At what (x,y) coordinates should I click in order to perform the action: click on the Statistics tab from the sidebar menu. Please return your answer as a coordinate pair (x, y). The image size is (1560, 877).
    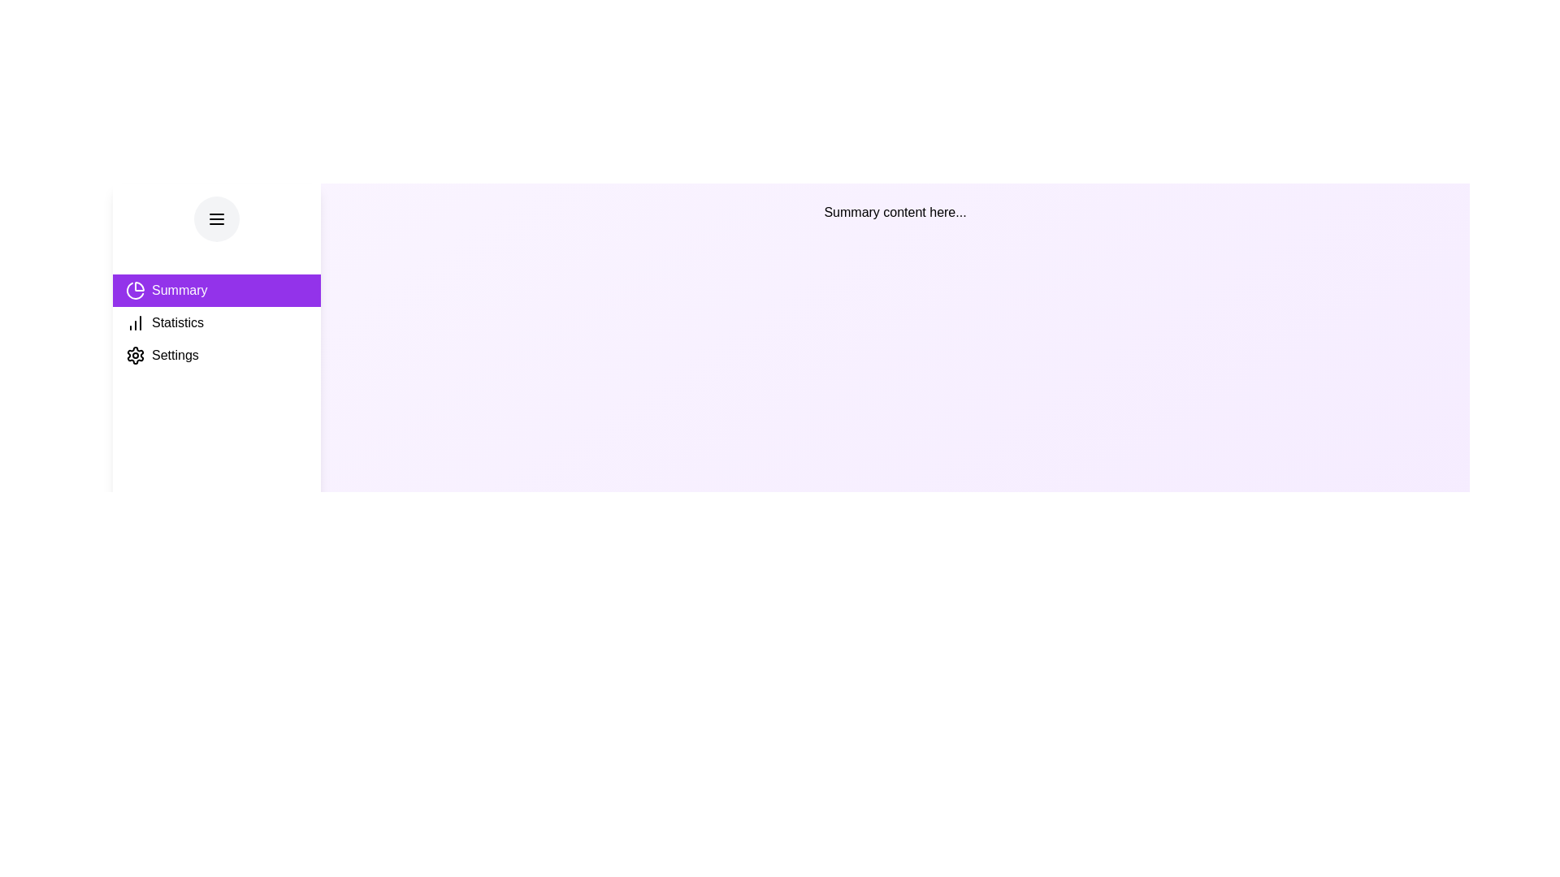
    Looking at the image, I should click on (216, 322).